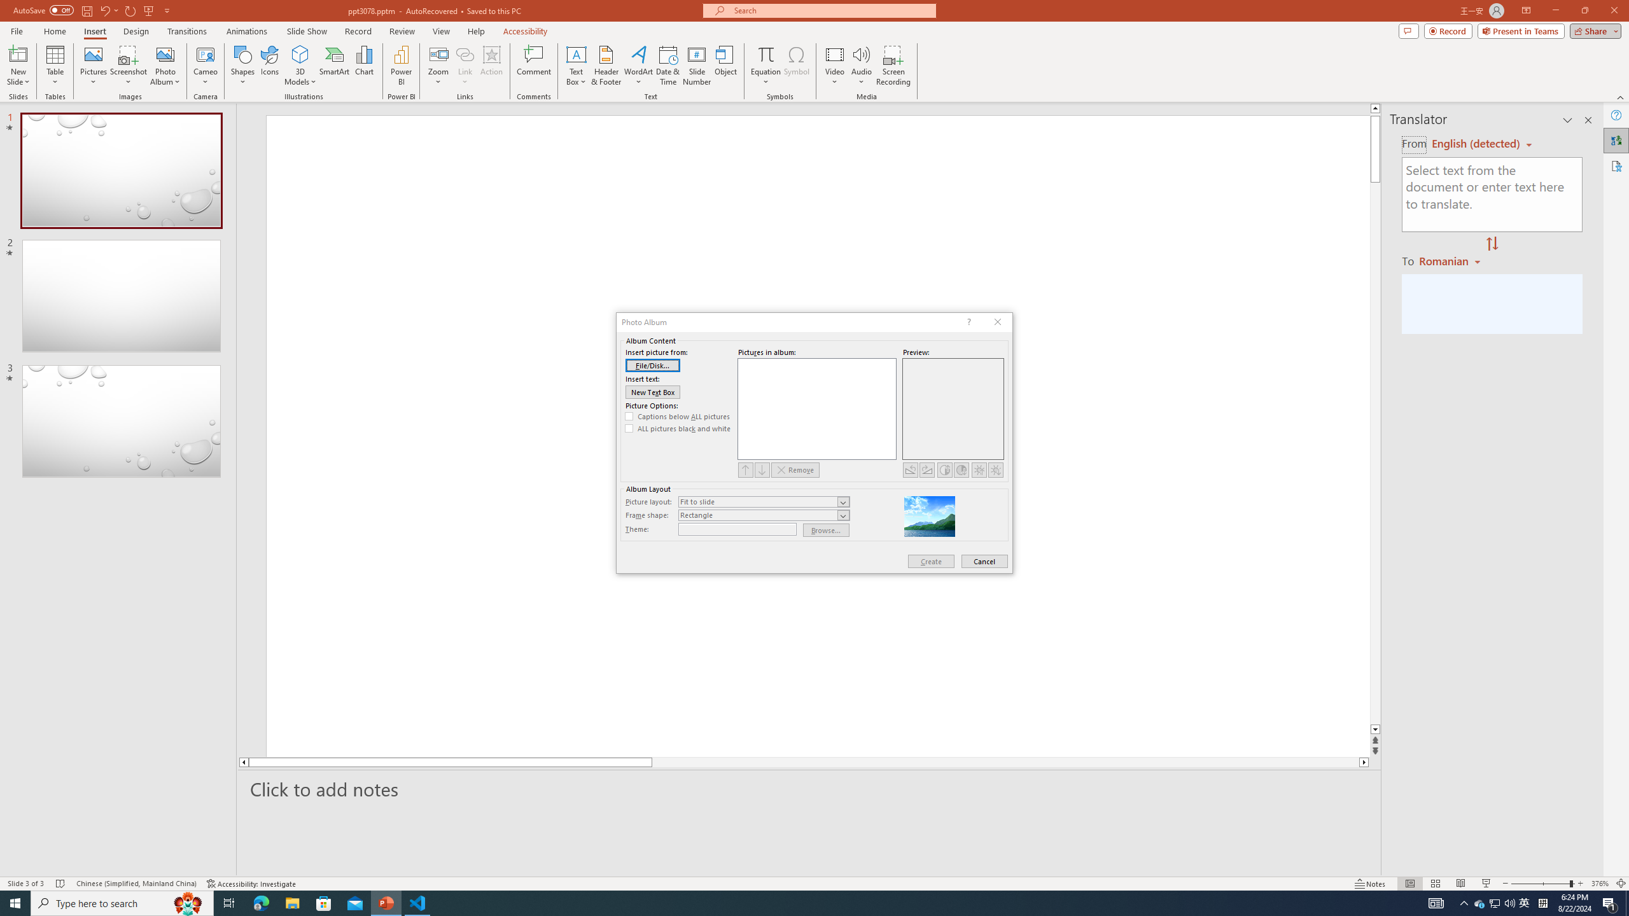  I want to click on 'New Photo Album...', so click(164, 53).